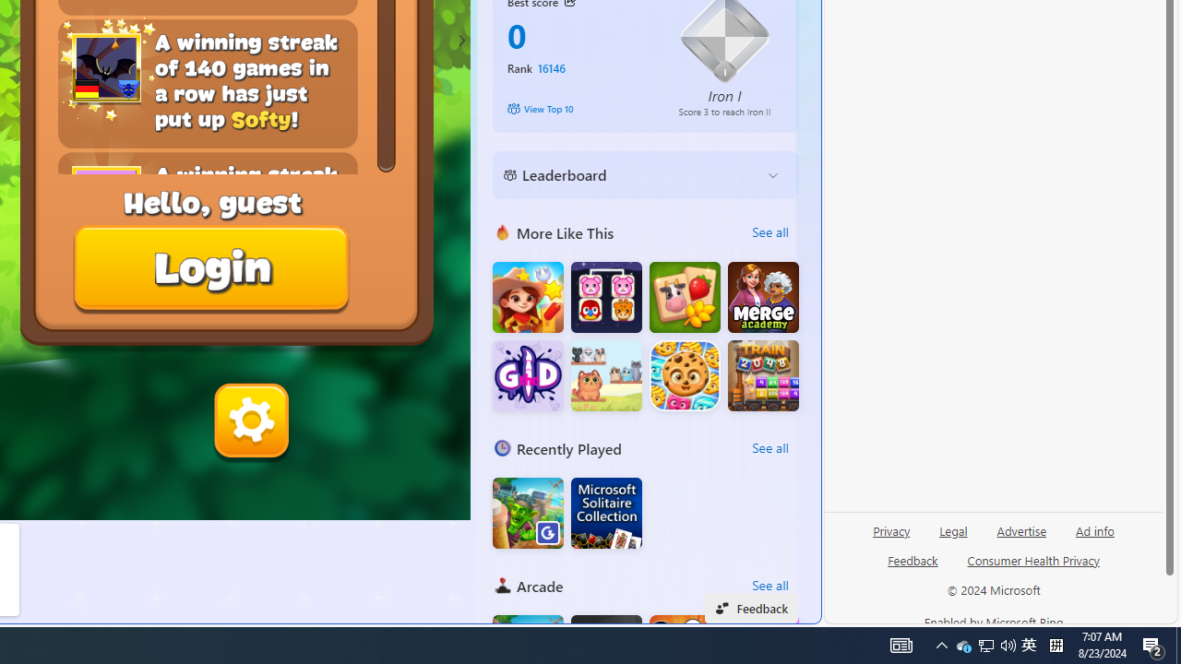 Image resolution: width=1181 pixels, height=664 pixels. What do you see at coordinates (527, 374) in the screenshot?
I see `'Guess the Drawing'` at bounding box center [527, 374].